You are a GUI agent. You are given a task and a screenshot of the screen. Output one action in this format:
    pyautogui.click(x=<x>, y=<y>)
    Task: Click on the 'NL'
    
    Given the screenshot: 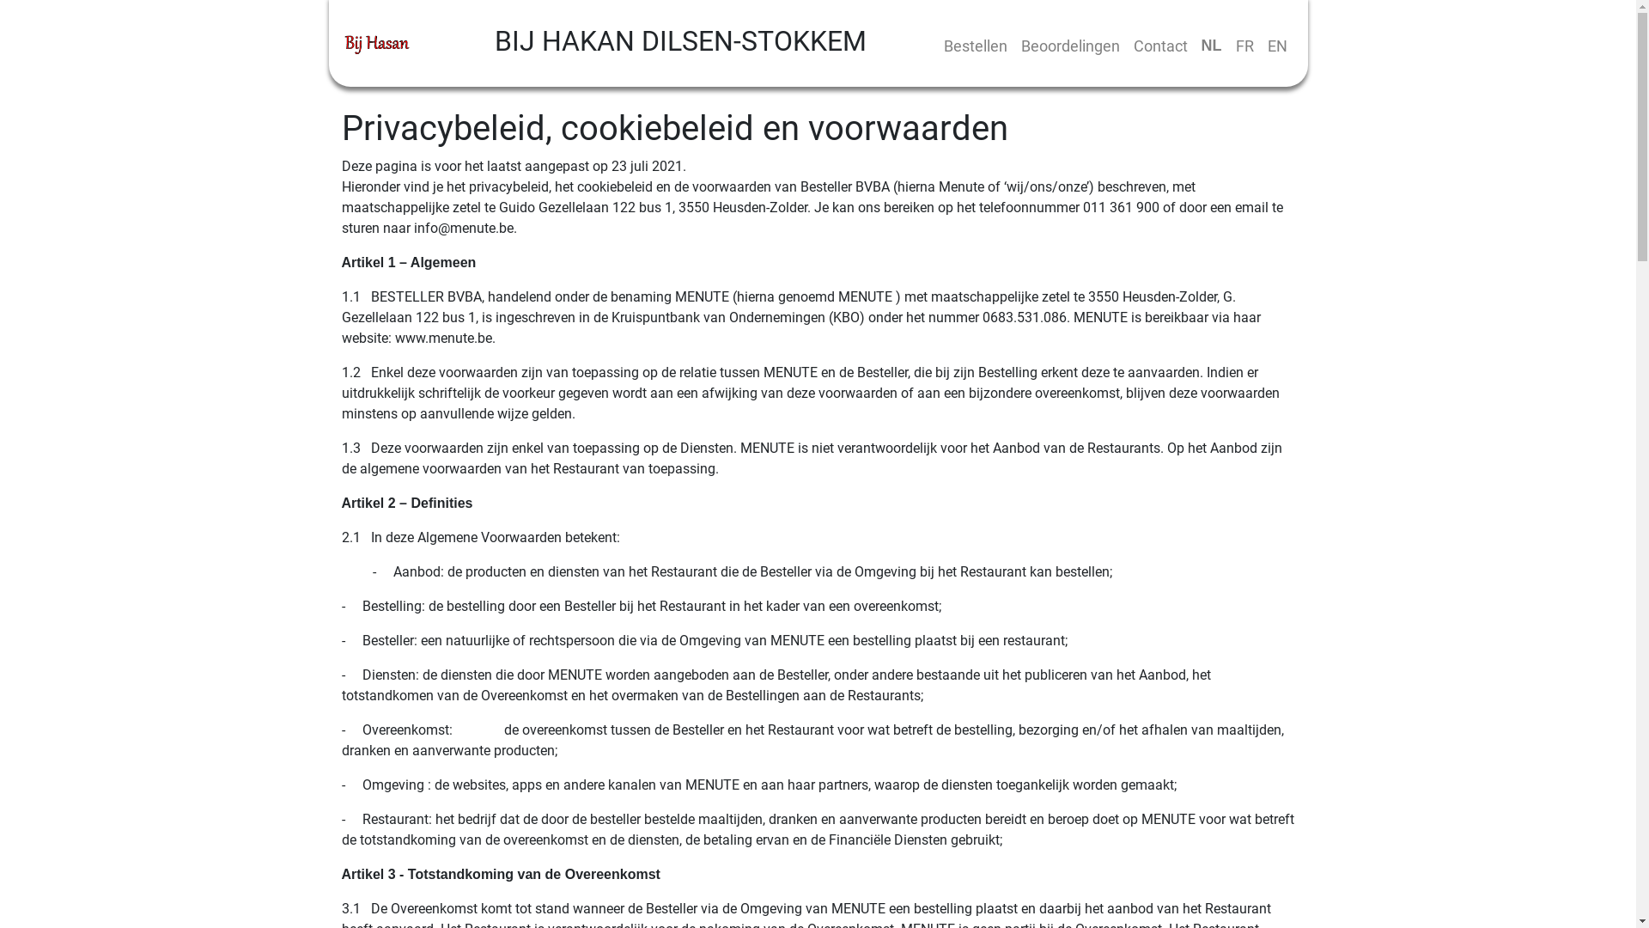 What is the action you would take?
    pyautogui.click(x=1210, y=45)
    